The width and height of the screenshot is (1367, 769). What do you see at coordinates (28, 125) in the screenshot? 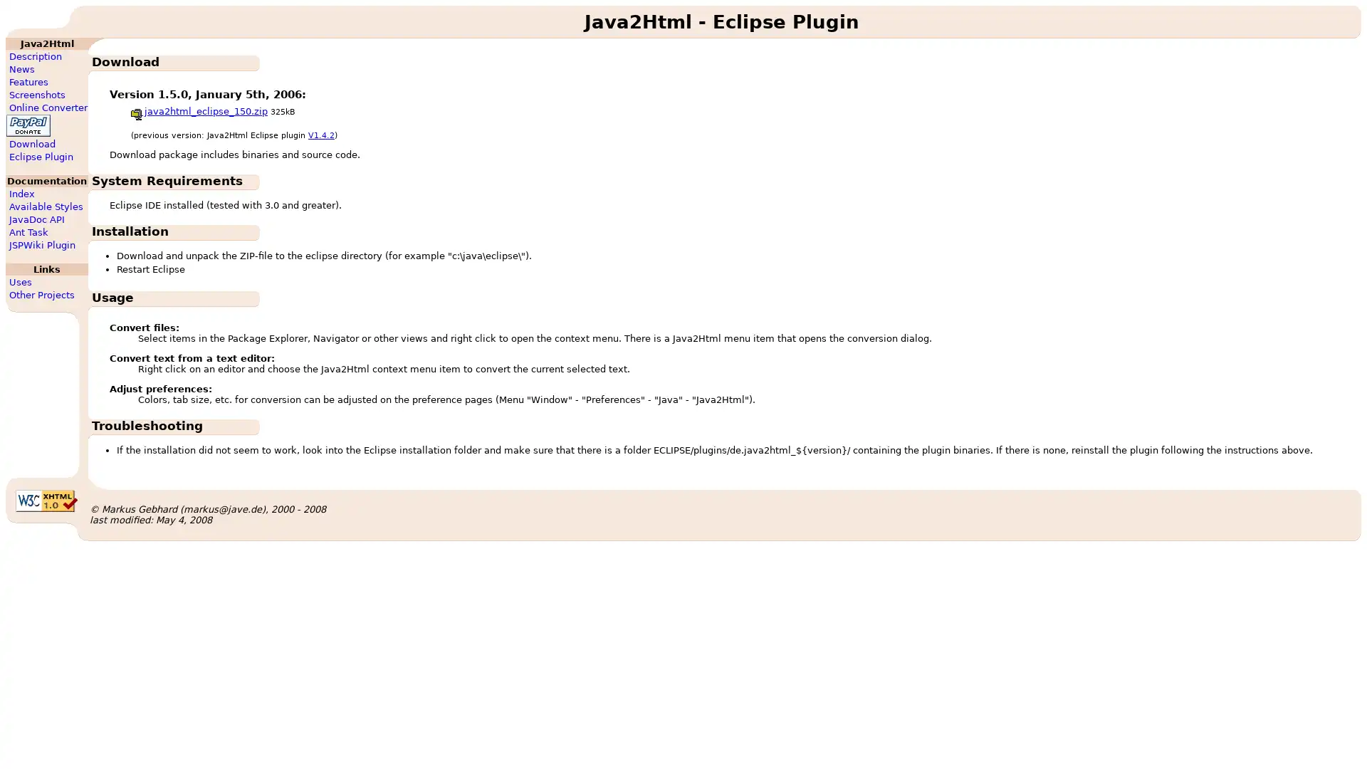
I see `Donate` at bounding box center [28, 125].